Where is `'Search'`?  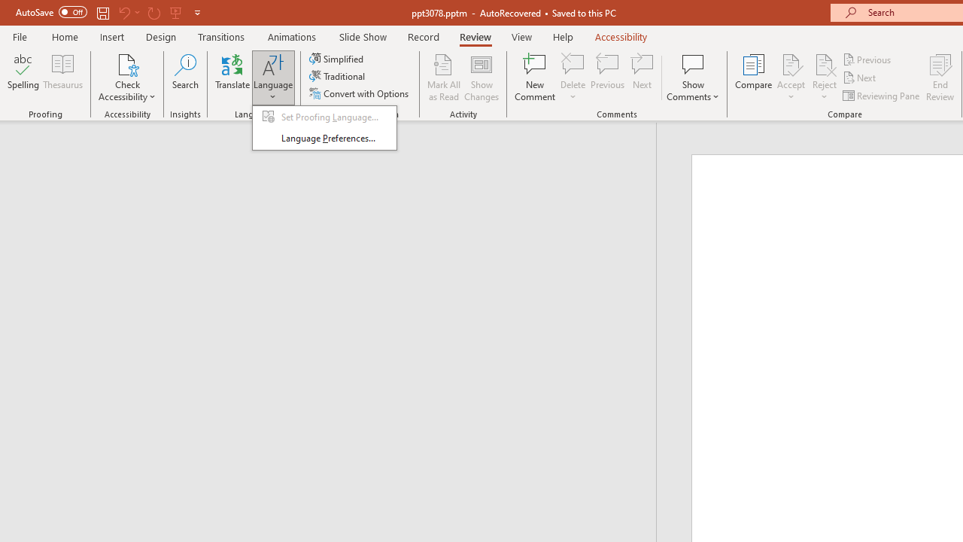 'Search' is located at coordinates (185, 78).